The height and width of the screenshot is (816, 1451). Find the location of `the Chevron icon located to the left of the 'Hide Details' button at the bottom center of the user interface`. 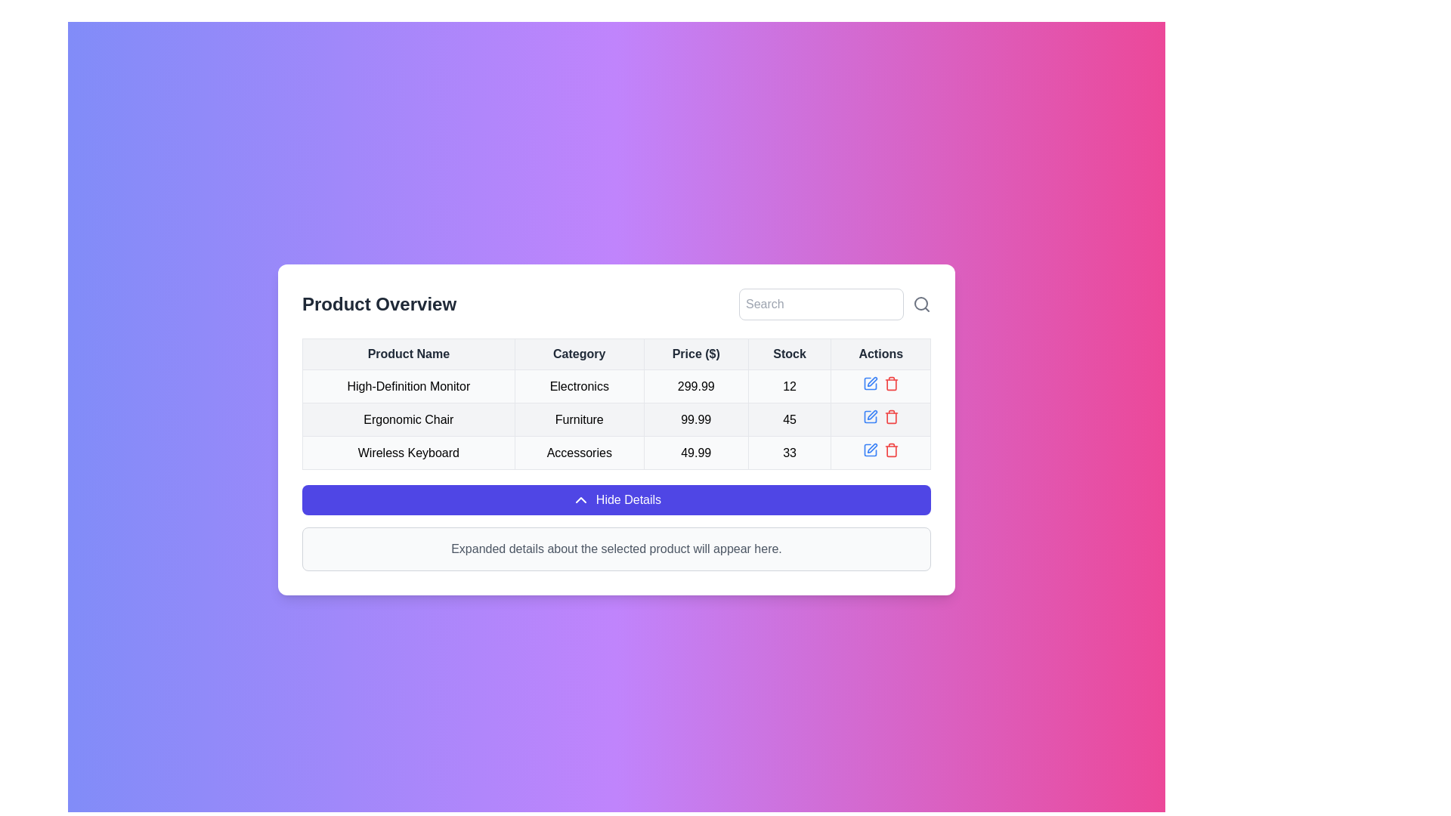

the Chevron icon located to the left of the 'Hide Details' button at the bottom center of the user interface is located at coordinates (580, 500).